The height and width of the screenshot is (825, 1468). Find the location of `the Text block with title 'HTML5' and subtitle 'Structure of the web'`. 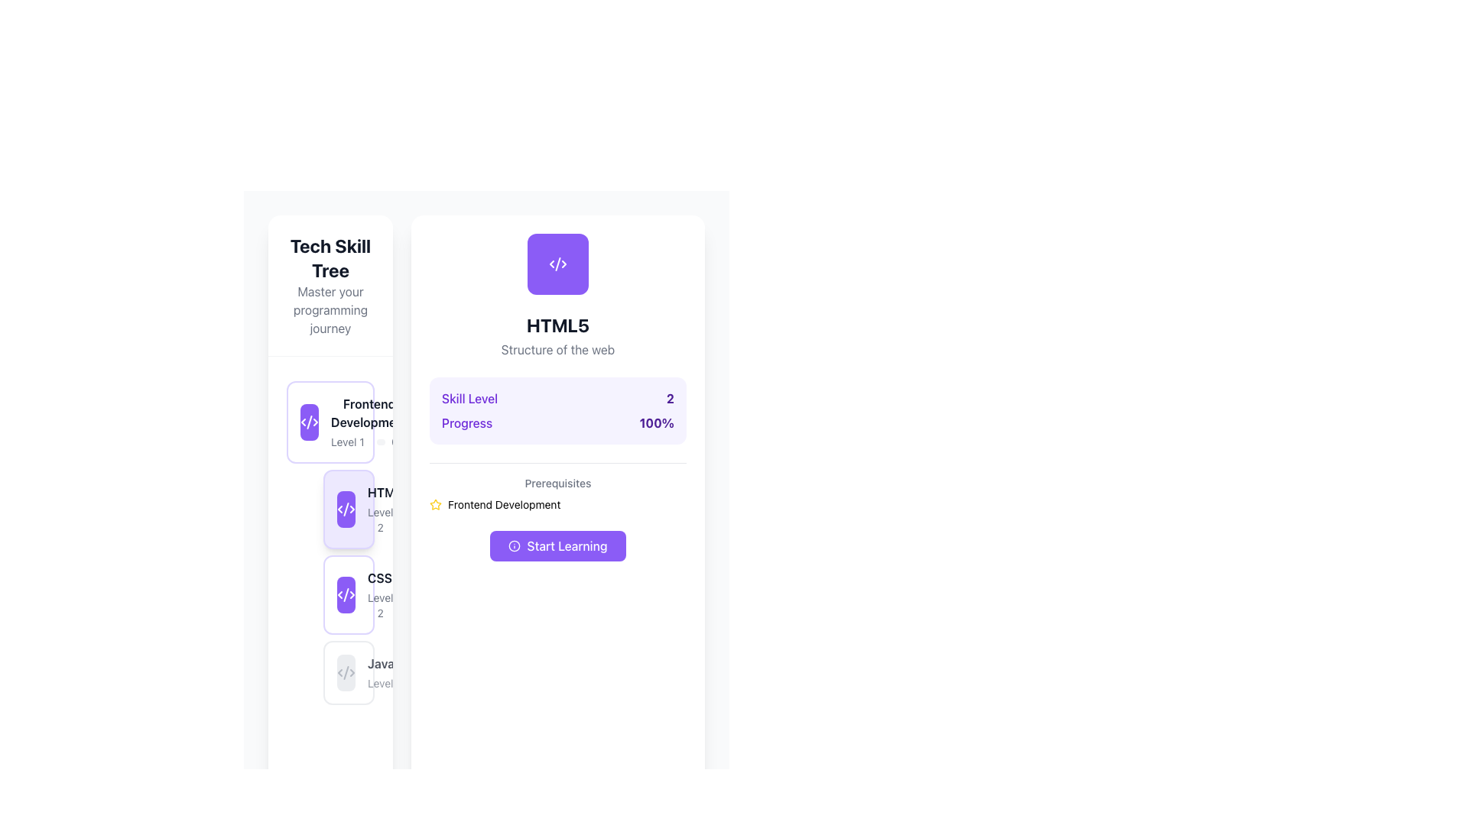

the Text block with title 'HTML5' and subtitle 'Structure of the web' is located at coordinates (557, 335).